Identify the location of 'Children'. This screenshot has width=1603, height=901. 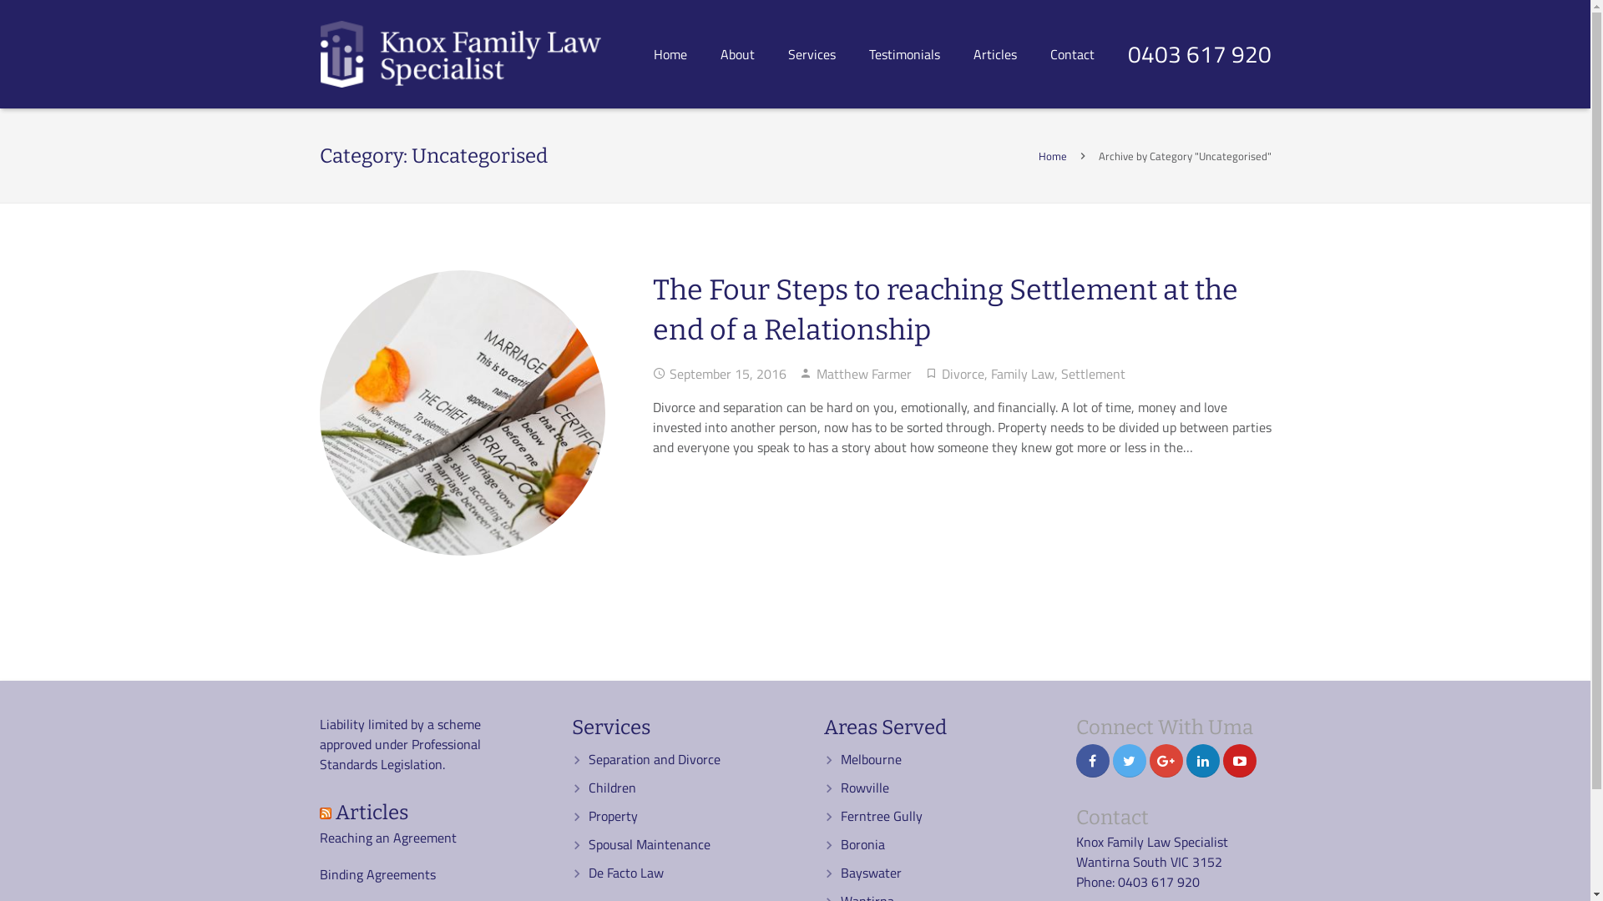
(611, 788).